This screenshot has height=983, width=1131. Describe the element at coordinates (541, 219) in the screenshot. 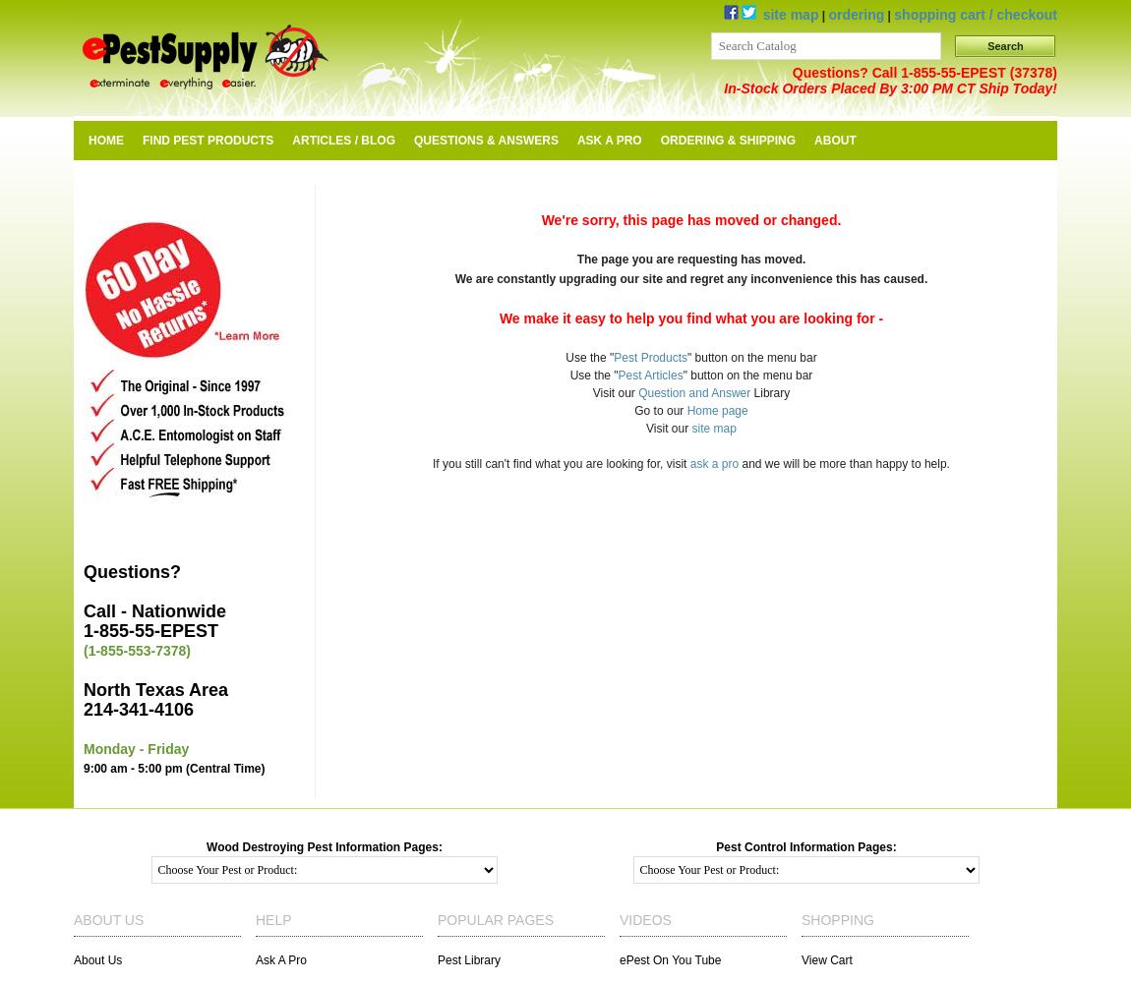

I see `'We're sorry, this page has moved or changed.'` at that location.